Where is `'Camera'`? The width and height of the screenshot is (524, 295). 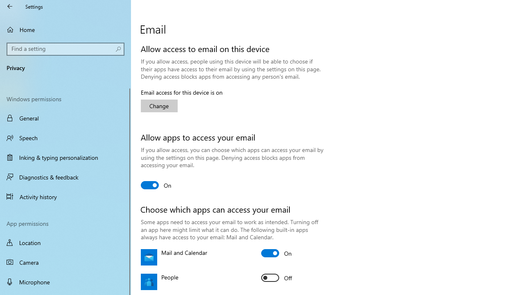
'Camera' is located at coordinates (65, 262).